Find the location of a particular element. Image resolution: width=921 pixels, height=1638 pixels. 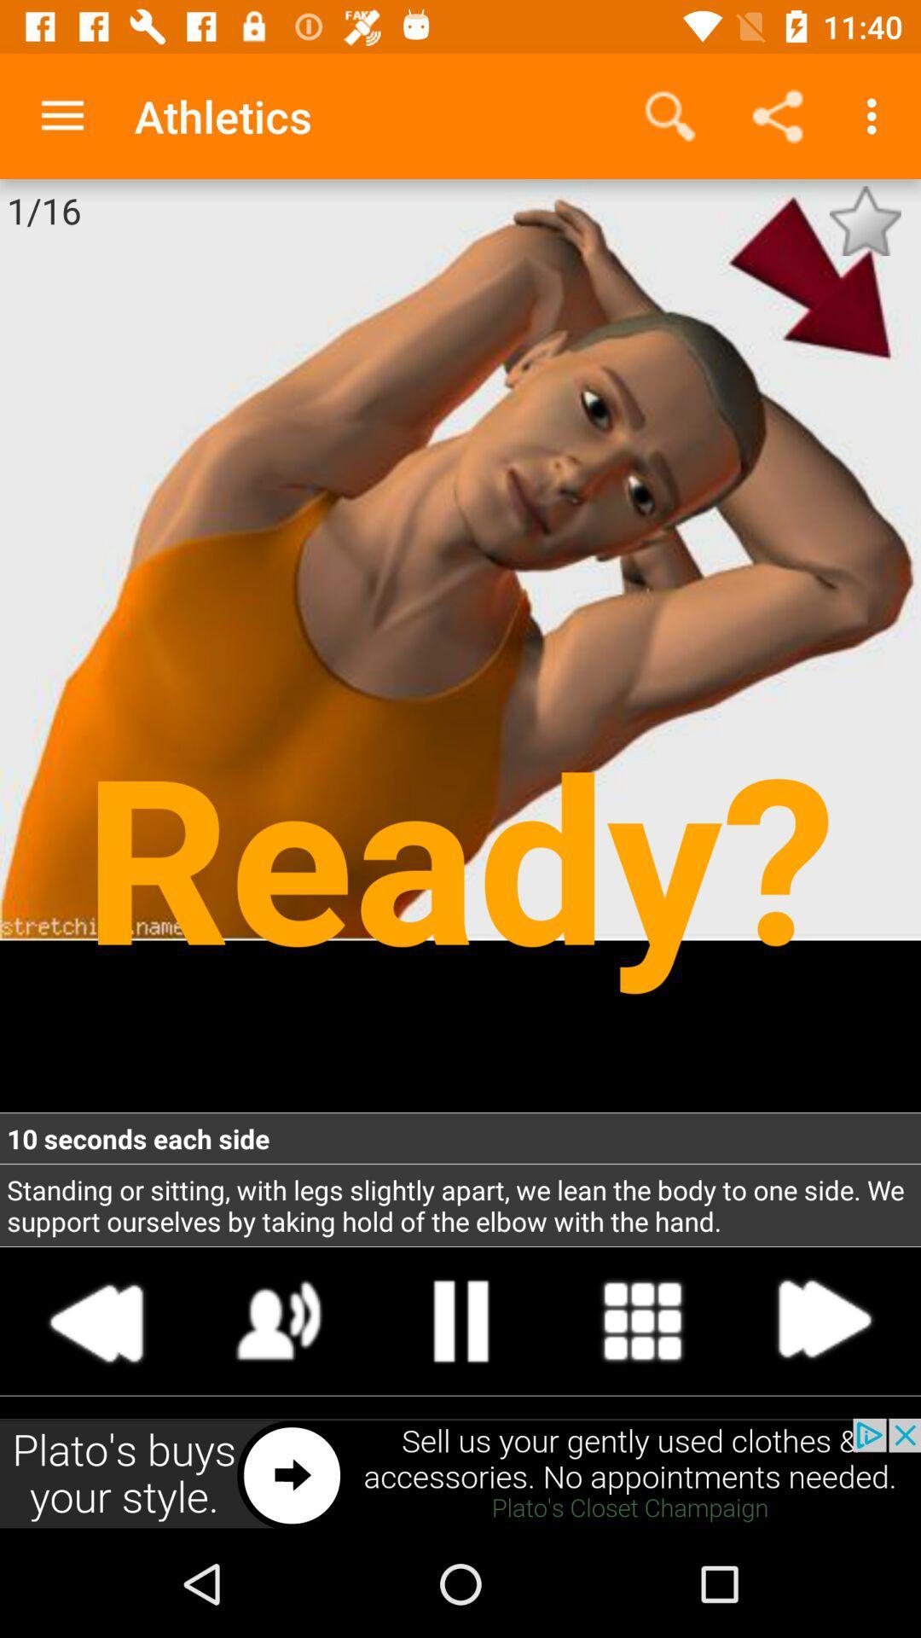

the pause icon is located at coordinates (460, 1320).